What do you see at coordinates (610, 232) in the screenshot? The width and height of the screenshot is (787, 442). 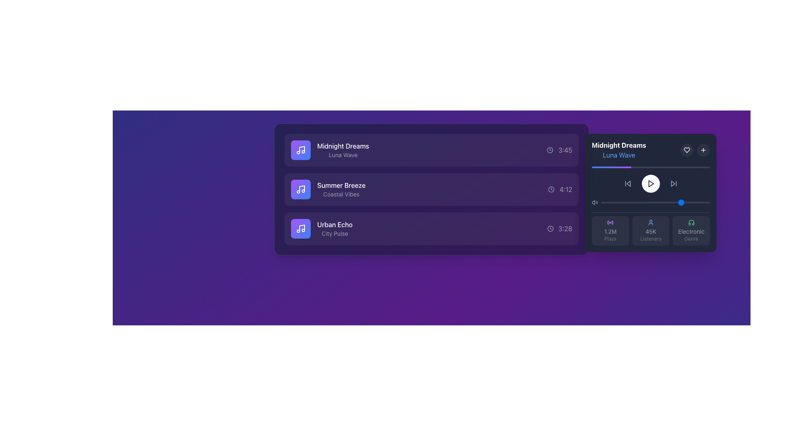 I see `the text display showing '1.2M' located above the text 'Plays' within the statistics panel` at bounding box center [610, 232].